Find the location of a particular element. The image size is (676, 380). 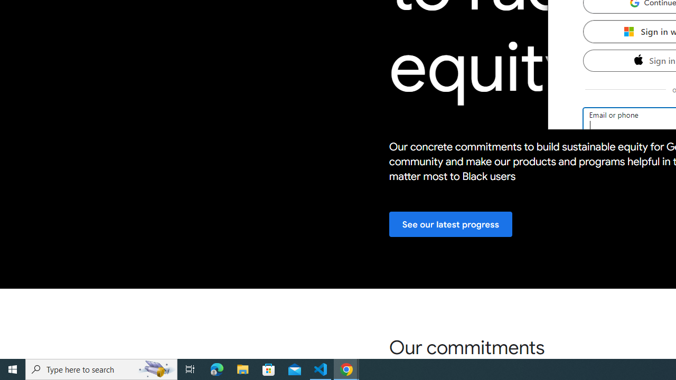

'Task View' is located at coordinates (190, 368).